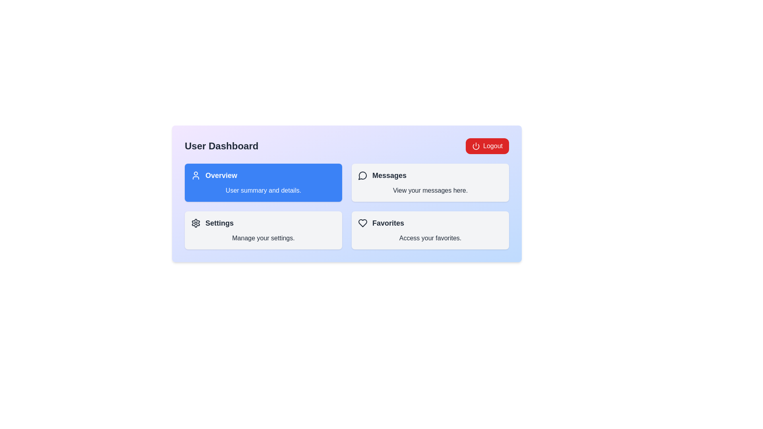 Image resolution: width=763 pixels, height=429 pixels. What do you see at coordinates (196, 223) in the screenshot?
I see `the settings icon, which resembles a cog or gear shape, located in the bottom-left quadrant of the main dashboard area, to the left of the text 'Manage your settings.'` at bounding box center [196, 223].